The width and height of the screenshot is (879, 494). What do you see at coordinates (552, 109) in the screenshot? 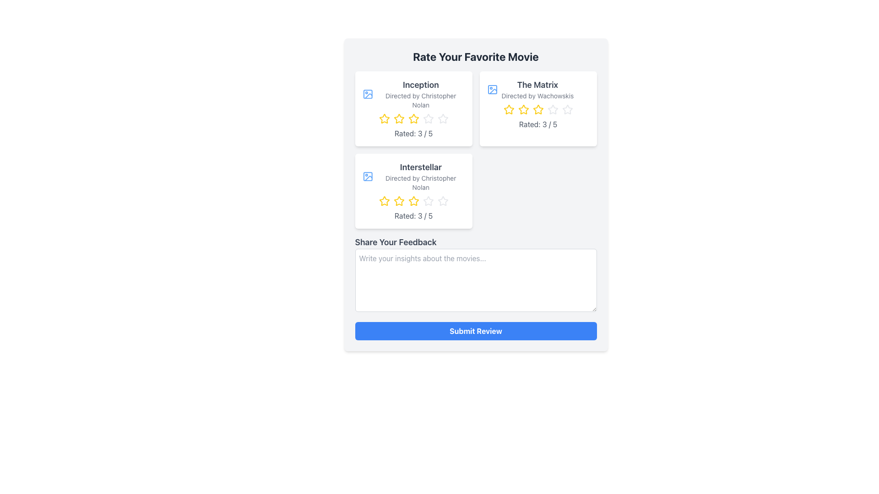
I see `the third star in the rating system for 'The Matrix' movie` at bounding box center [552, 109].